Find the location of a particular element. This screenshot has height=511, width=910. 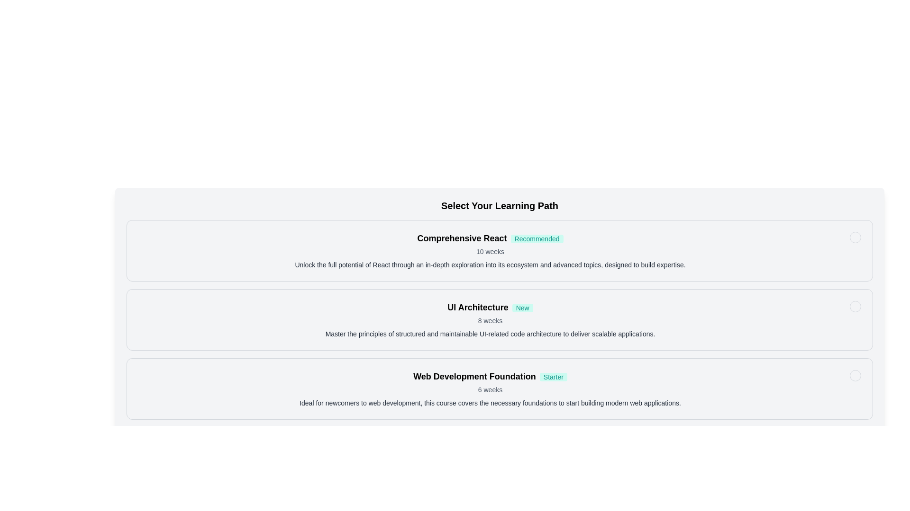

the Text Display Section that includes the title 'UI Architecture', the label 'New', the duration '8 weeks', and the course objectives description is located at coordinates (490, 319).